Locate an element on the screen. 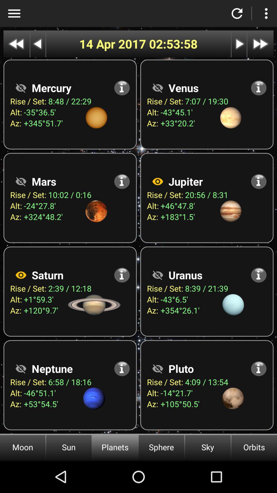 The width and height of the screenshot is (277, 493). tap to launch picture is located at coordinates (157, 181).